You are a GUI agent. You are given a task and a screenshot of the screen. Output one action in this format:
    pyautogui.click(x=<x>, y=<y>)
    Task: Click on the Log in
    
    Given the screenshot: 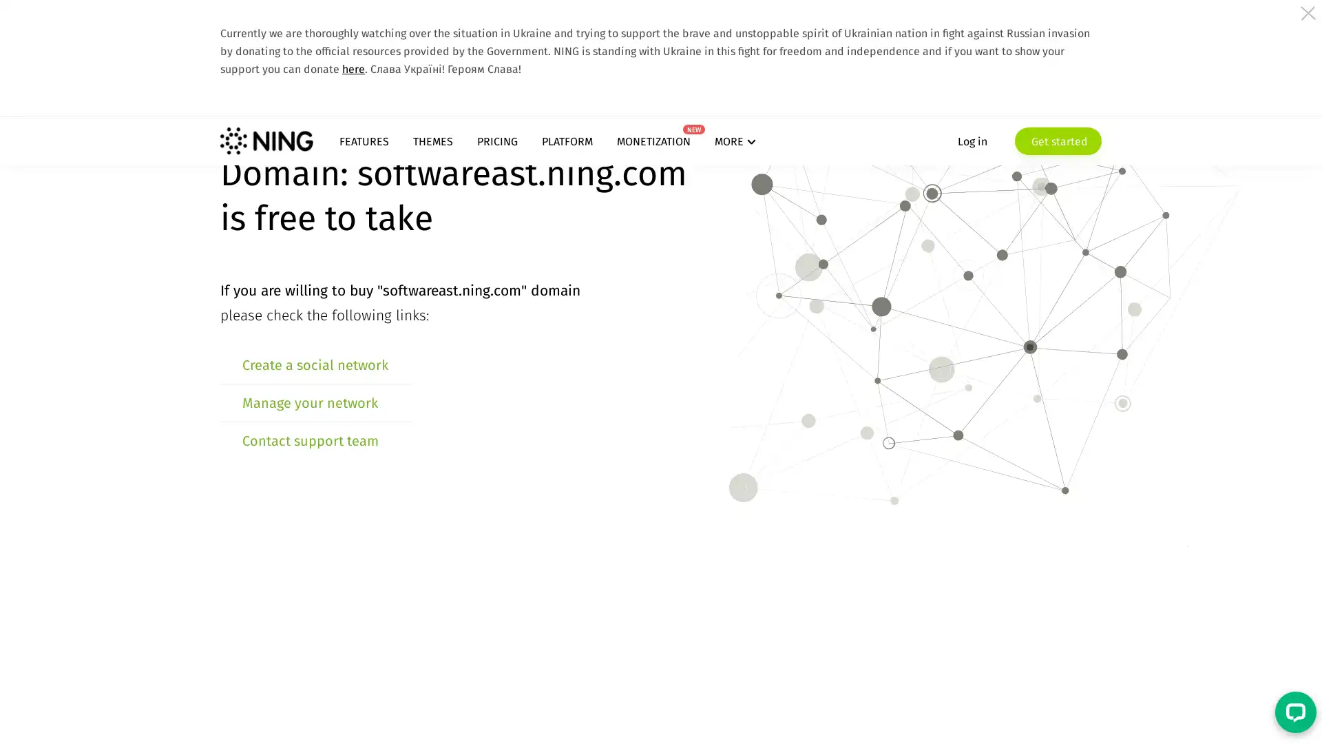 What is the action you would take?
    pyautogui.click(x=972, y=141)
    